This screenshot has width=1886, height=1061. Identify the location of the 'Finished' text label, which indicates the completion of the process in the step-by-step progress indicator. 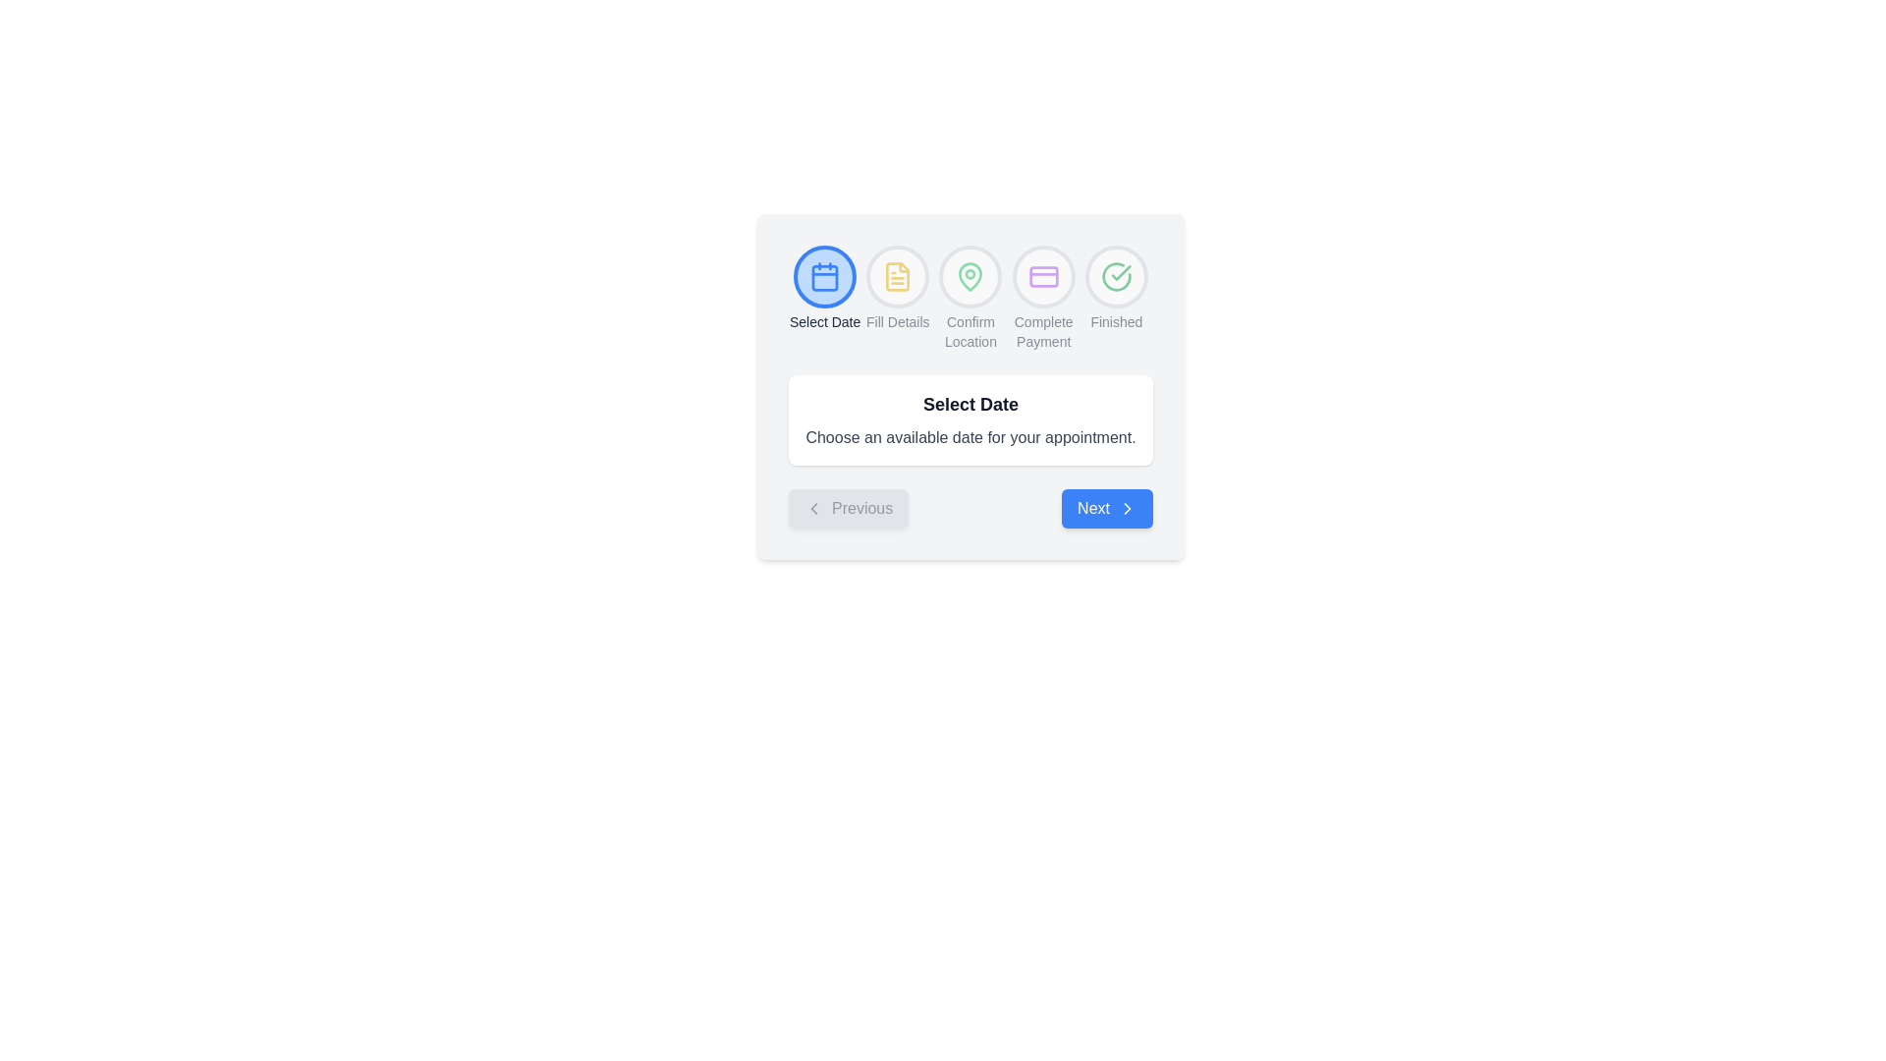
(1116, 320).